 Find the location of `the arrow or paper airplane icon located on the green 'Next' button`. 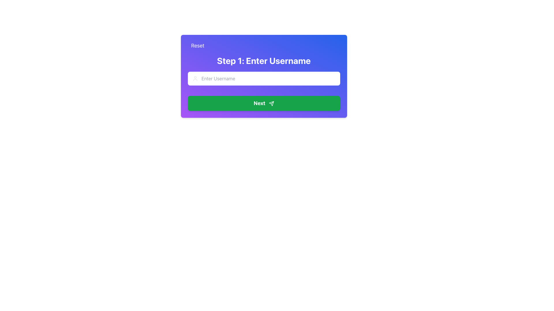

the arrow or paper airplane icon located on the green 'Next' button is located at coordinates (271, 104).